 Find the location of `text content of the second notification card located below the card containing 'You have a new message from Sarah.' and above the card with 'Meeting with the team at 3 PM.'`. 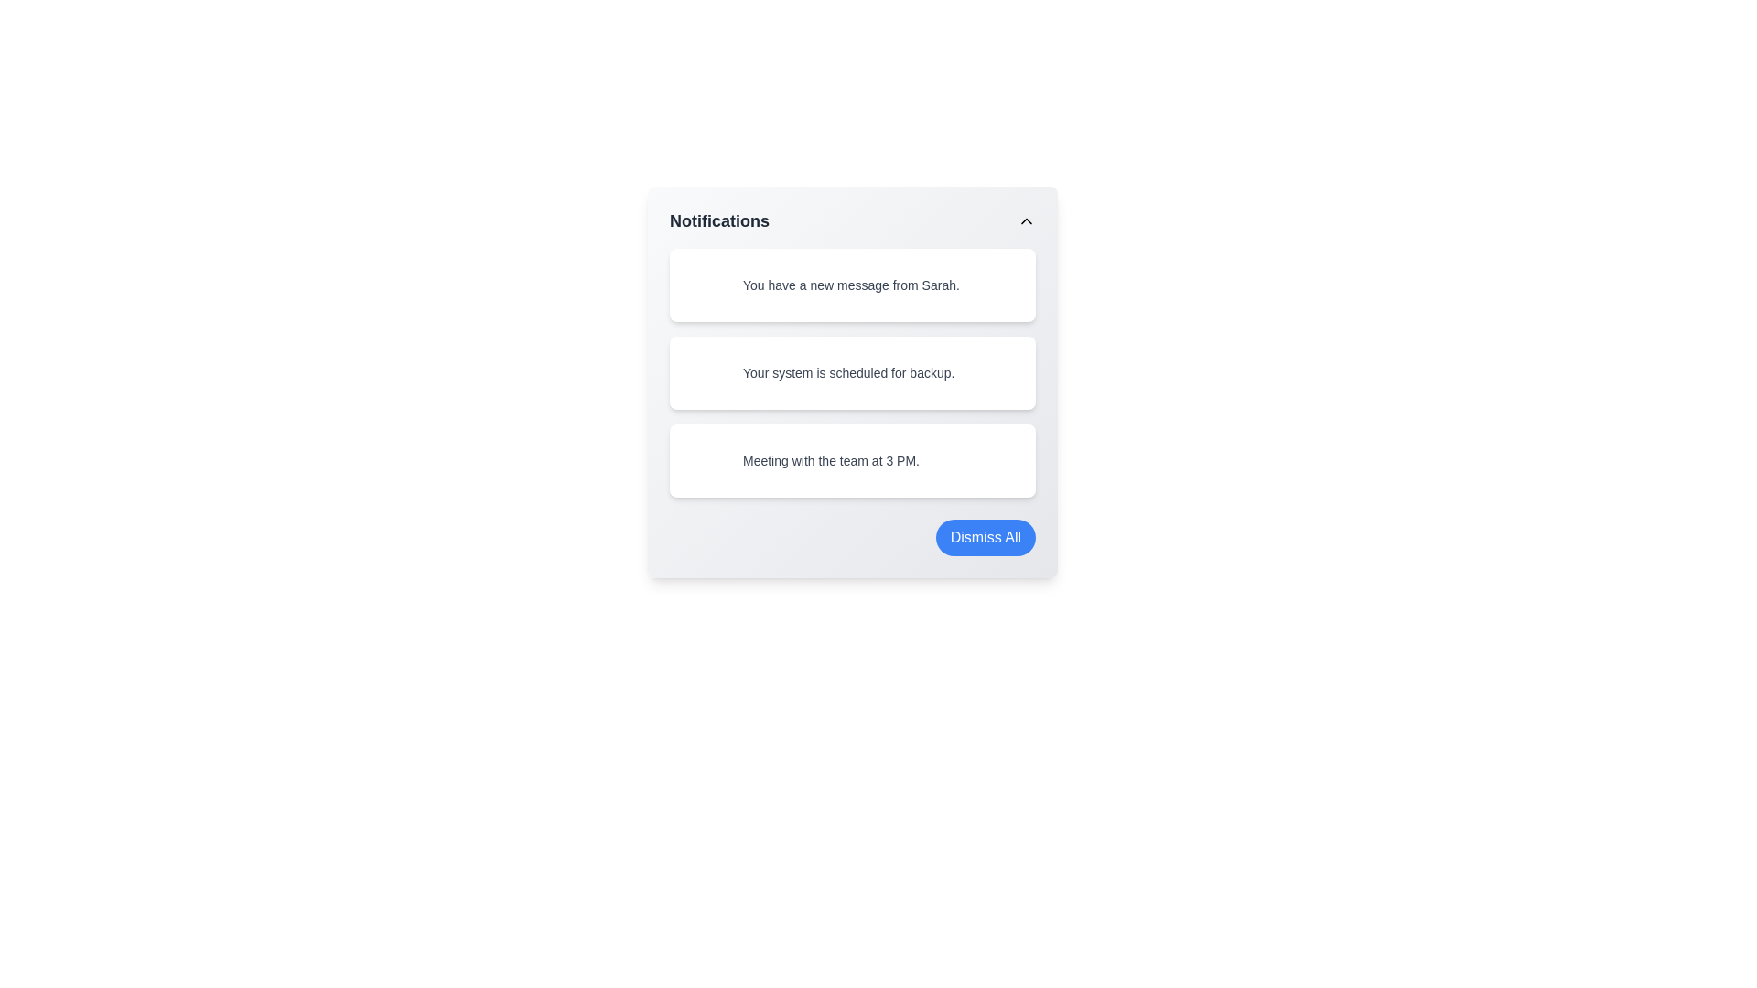

text content of the second notification card located below the card containing 'You have a new message from Sarah.' and above the card with 'Meeting with the team at 3 PM.' is located at coordinates (851, 372).